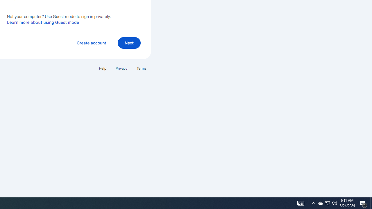 Image resolution: width=372 pixels, height=209 pixels. Describe the element at coordinates (43, 22) in the screenshot. I see `'Learn more about using Guest mode'` at that location.